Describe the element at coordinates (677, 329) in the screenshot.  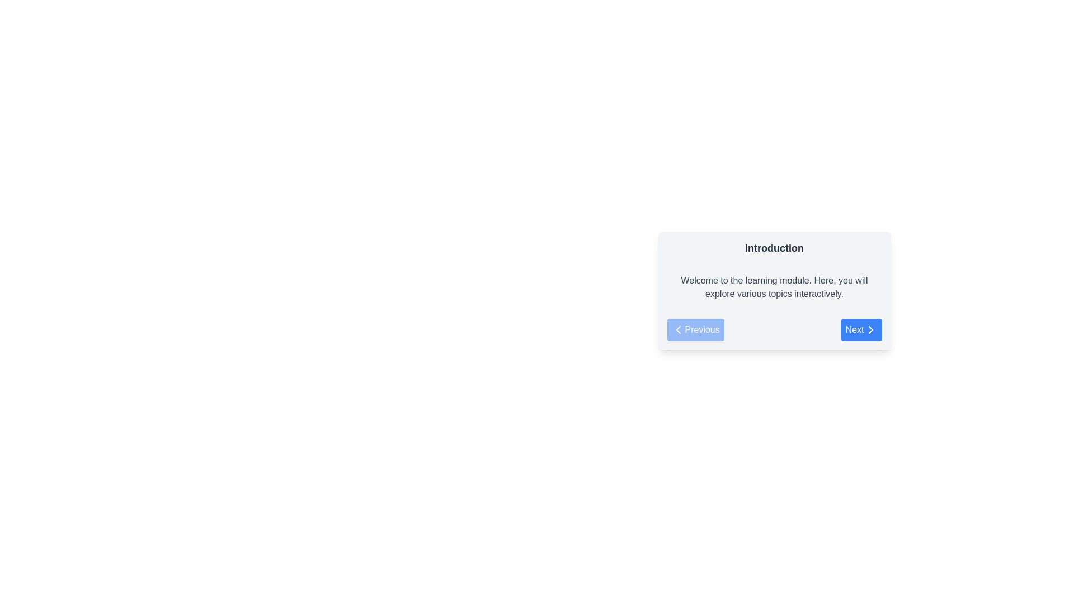
I see `the left-pointing chevron icon within the 'Previous' button, located at the bottom-center of the card-like region` at that location.